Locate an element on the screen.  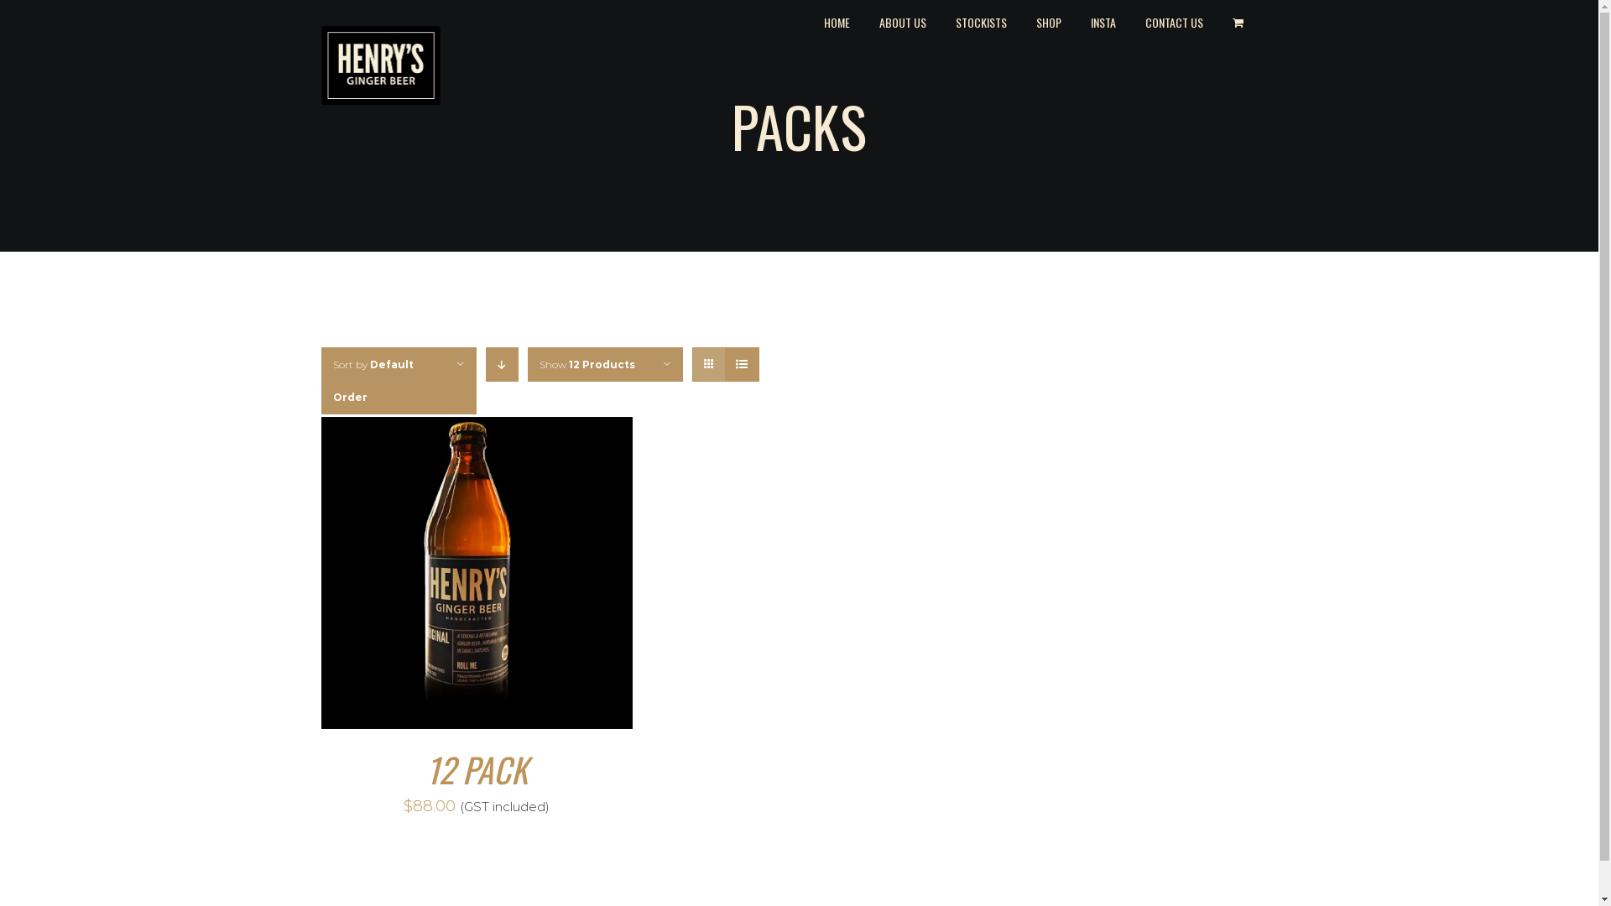
'FIND A STOCKIST' is located at coordinates (1126, 739).